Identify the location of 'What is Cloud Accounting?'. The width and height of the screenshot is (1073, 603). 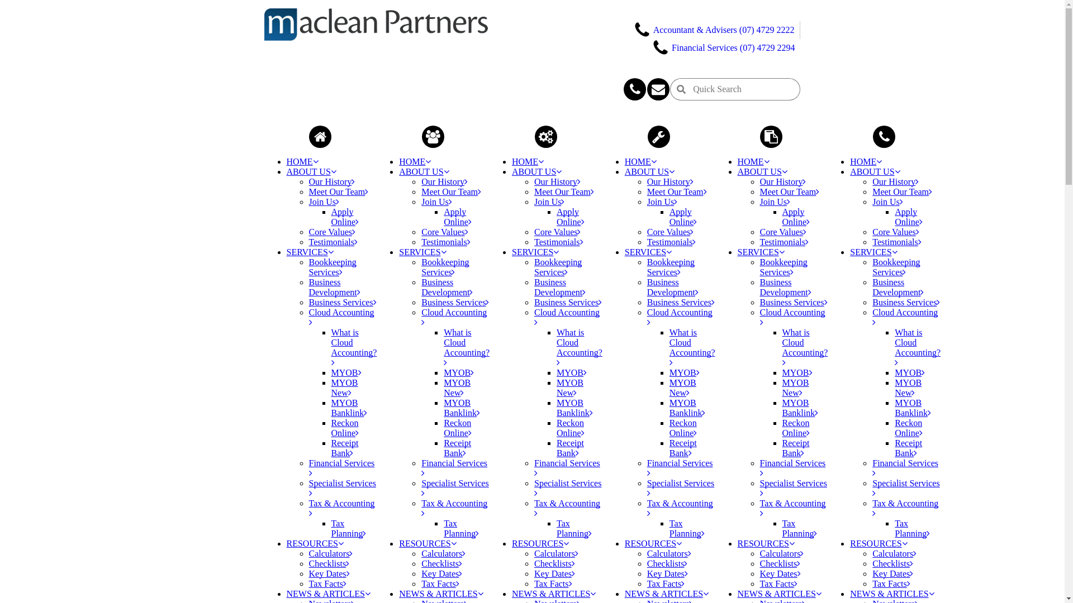
(557, 347).